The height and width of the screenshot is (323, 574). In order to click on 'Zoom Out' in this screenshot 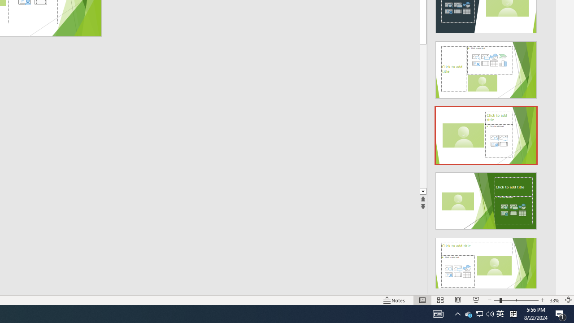, I will do `click(496, 300)`.